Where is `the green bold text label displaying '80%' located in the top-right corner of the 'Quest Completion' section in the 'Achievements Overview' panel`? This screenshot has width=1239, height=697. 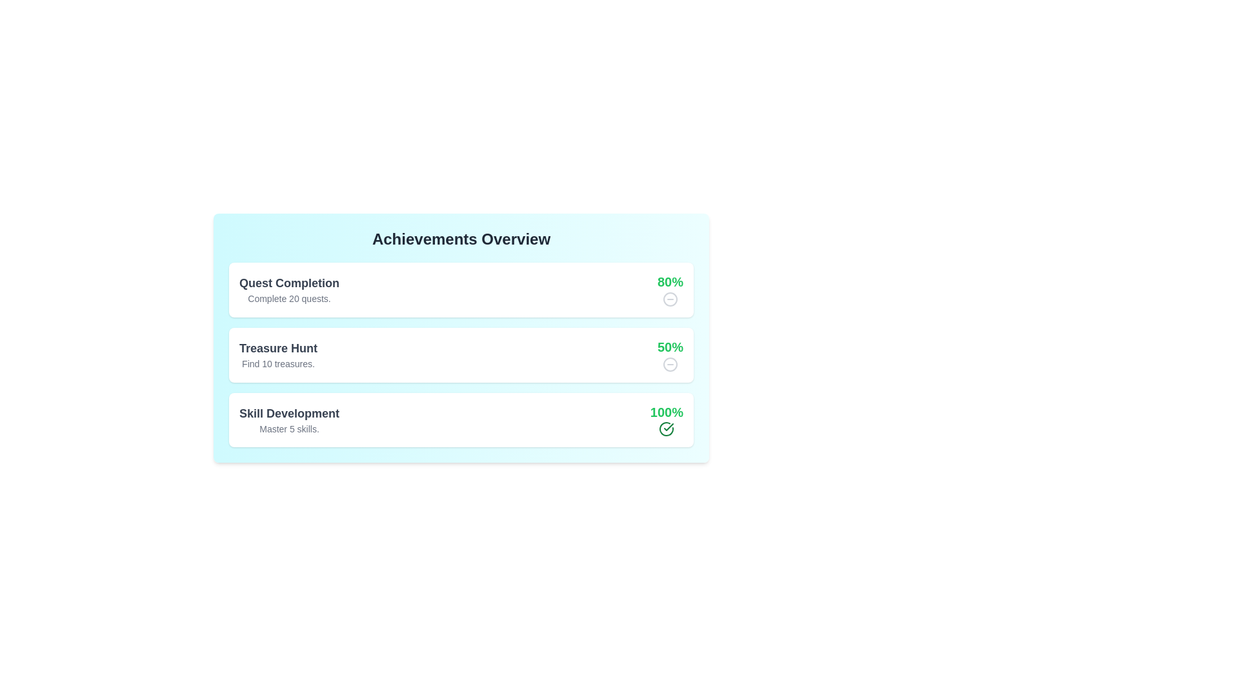 the green bold text label displaying '80%' located in the top-right corner of the 'Quest Completion' section in the 'Achievements Overview' panel is located at coordinates (670, 281).